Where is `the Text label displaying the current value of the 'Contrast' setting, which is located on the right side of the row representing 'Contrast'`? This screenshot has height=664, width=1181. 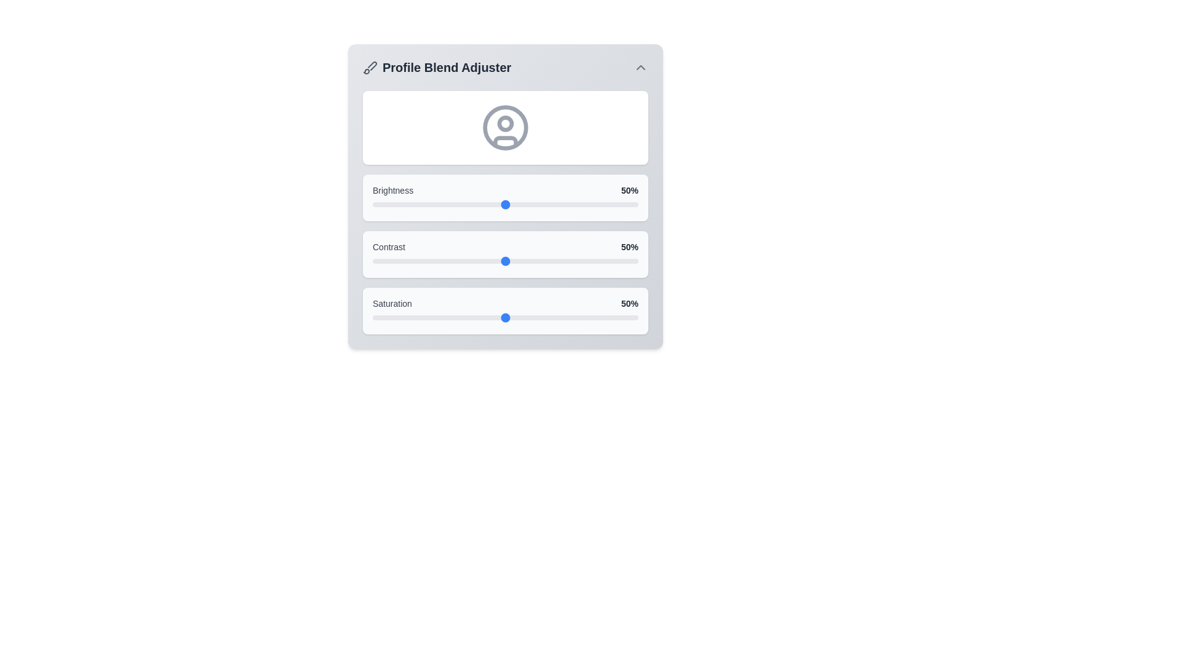 the Text label displaying the current value of the 'Contrast' setting, which is located on the right side of the row representing 'Contrast' is located at coordinates (629, 247).